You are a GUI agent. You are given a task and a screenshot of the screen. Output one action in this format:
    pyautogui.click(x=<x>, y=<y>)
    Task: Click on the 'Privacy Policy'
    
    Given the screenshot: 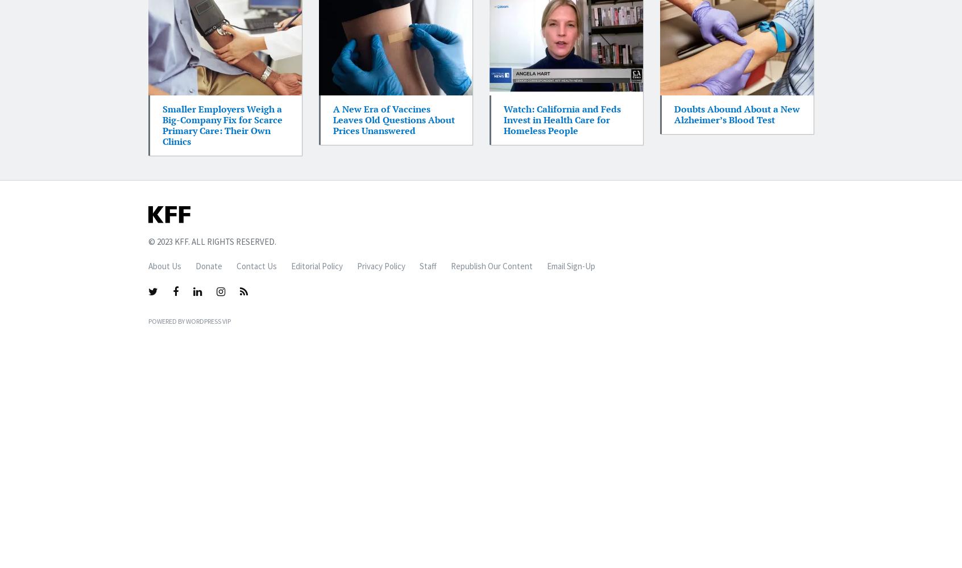 What is the action you would take?
    pyautogui.click(x=356, y=265)
    